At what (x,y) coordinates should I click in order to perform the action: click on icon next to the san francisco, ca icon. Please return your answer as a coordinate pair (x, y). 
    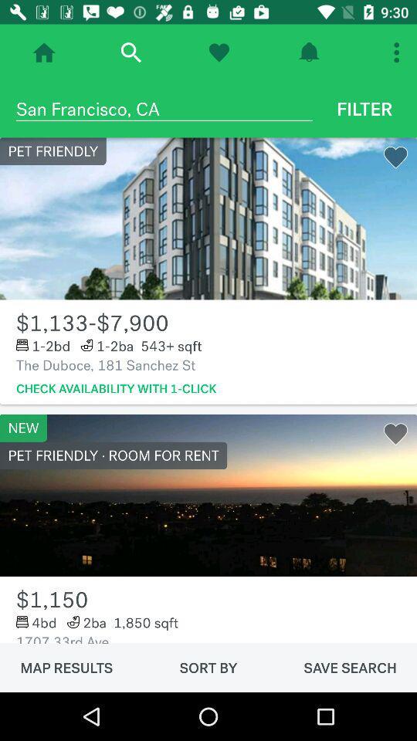
    Looking at the image, I should click on (364, 108).